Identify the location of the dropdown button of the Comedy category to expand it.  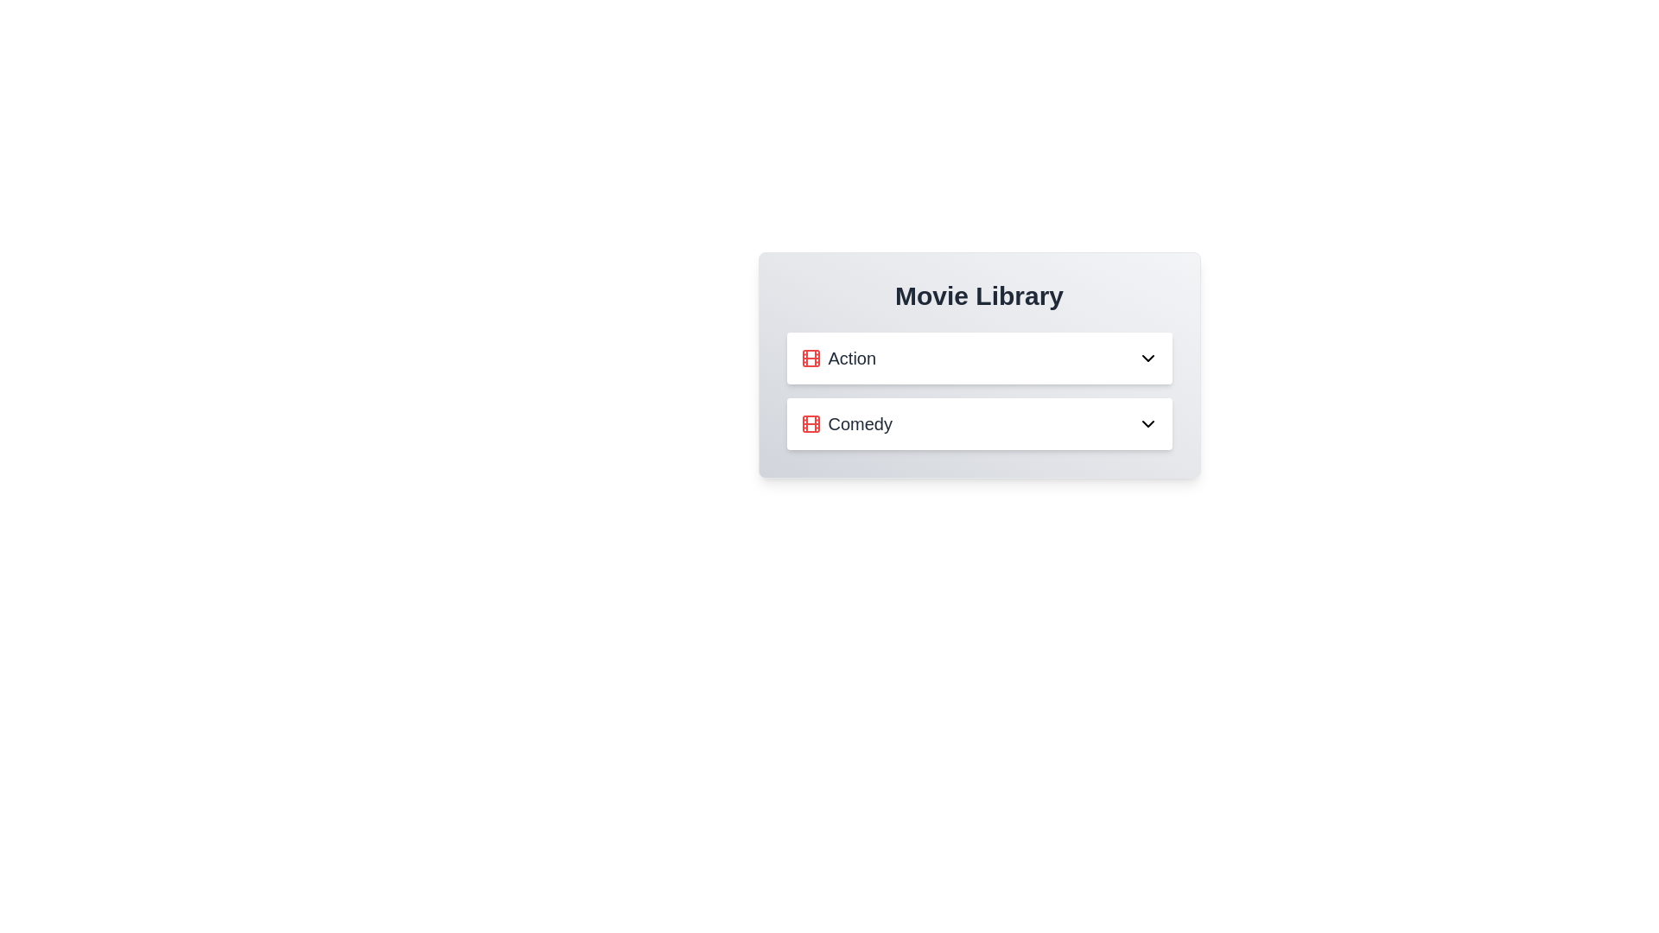
(1147, 423).